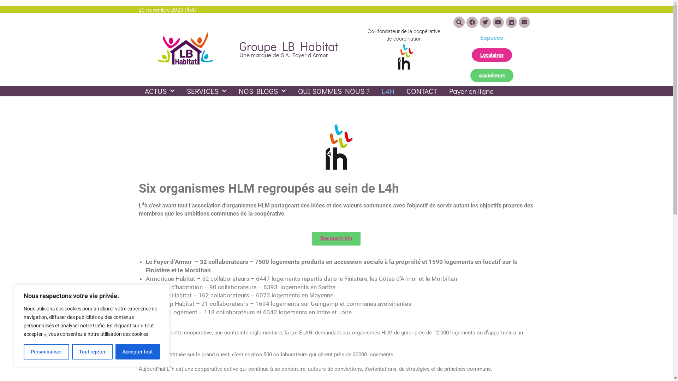  What do you see at coordinates (400, 91) in the screenshot?
I see `'CONTACT'` at bounding box center [400, 91].